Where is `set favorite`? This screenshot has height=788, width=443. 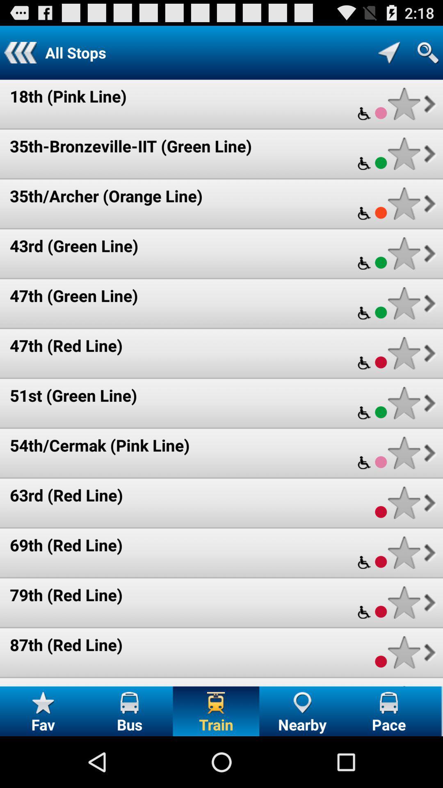 set favorite is located at coordinates (404, 153).